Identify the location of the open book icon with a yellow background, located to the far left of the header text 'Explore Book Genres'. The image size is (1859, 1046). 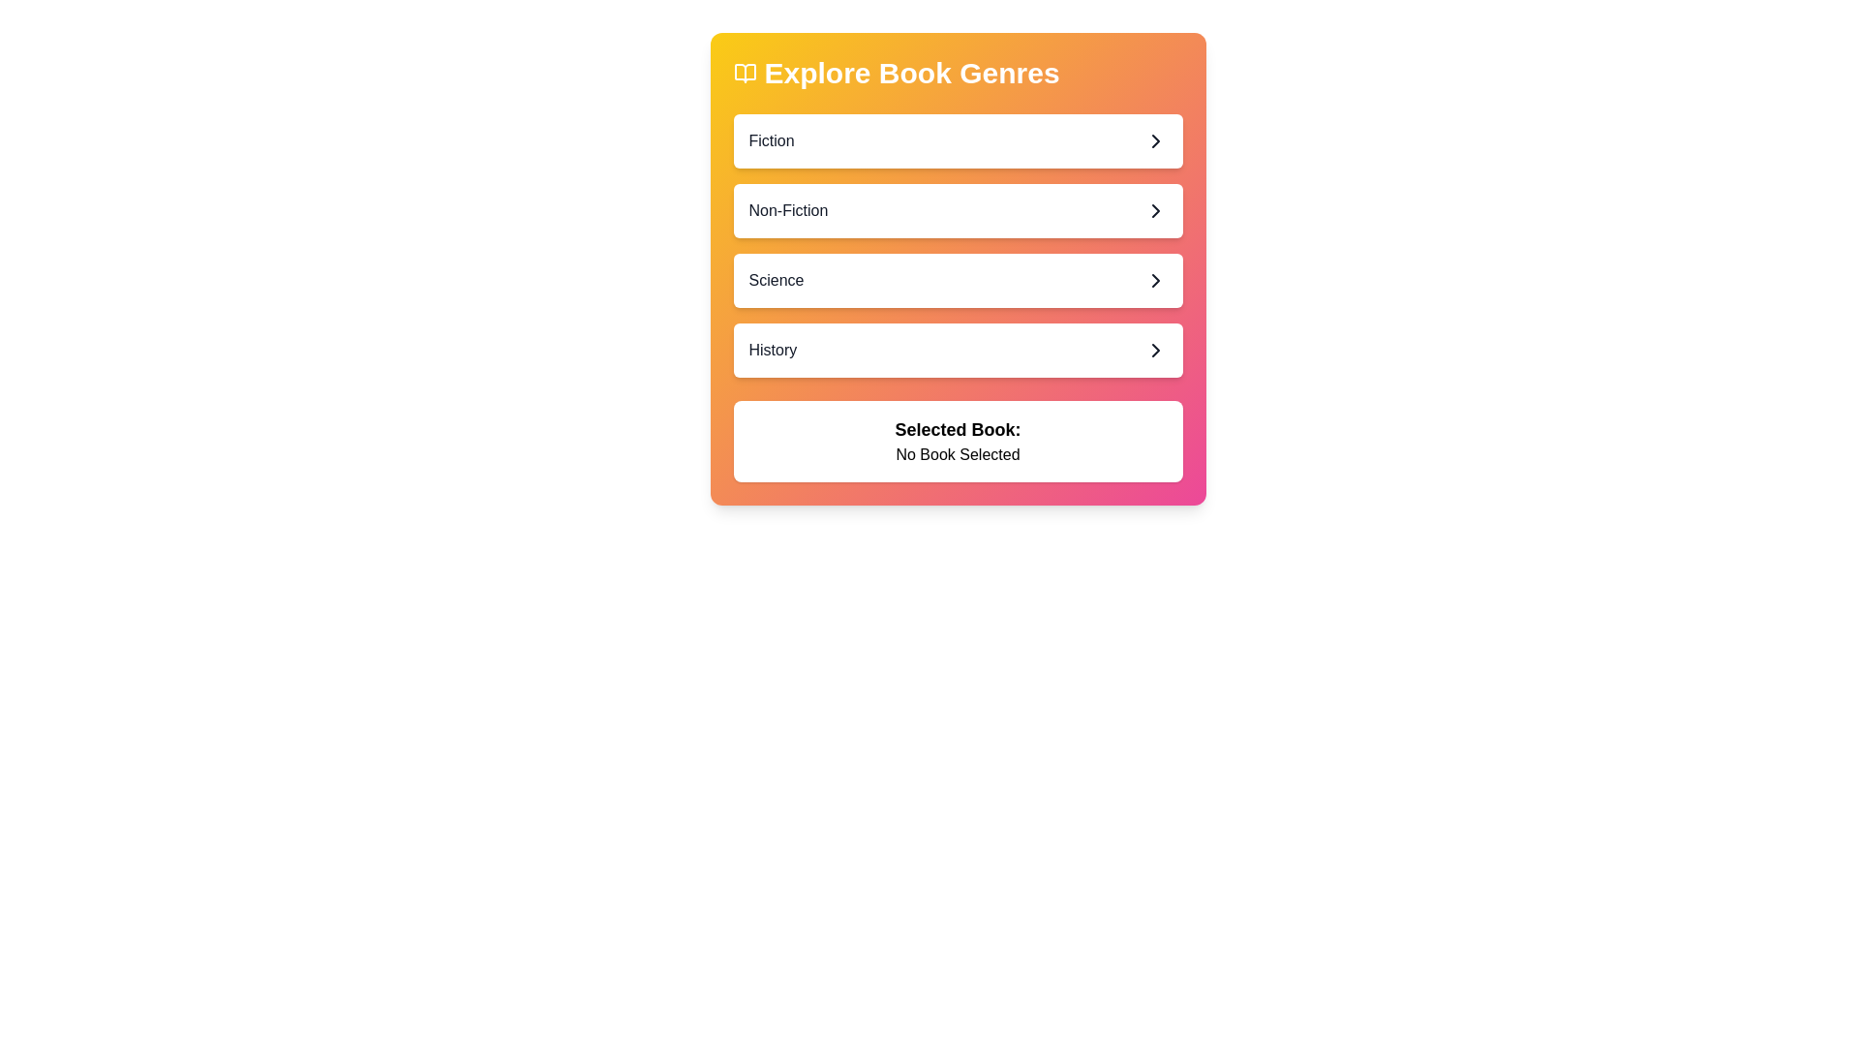
(744, 73).